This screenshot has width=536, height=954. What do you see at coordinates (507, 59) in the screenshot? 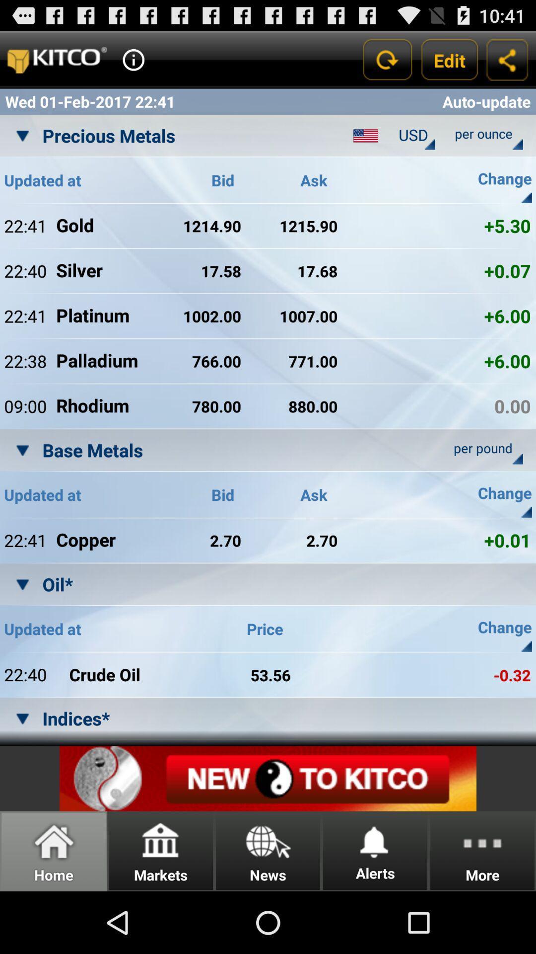
I see `share the information` at bounding box center [507, 59].